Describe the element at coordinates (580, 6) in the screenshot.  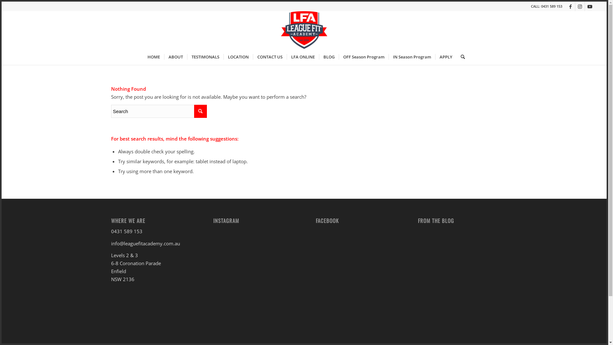
I see `'Instagram'` at that location.